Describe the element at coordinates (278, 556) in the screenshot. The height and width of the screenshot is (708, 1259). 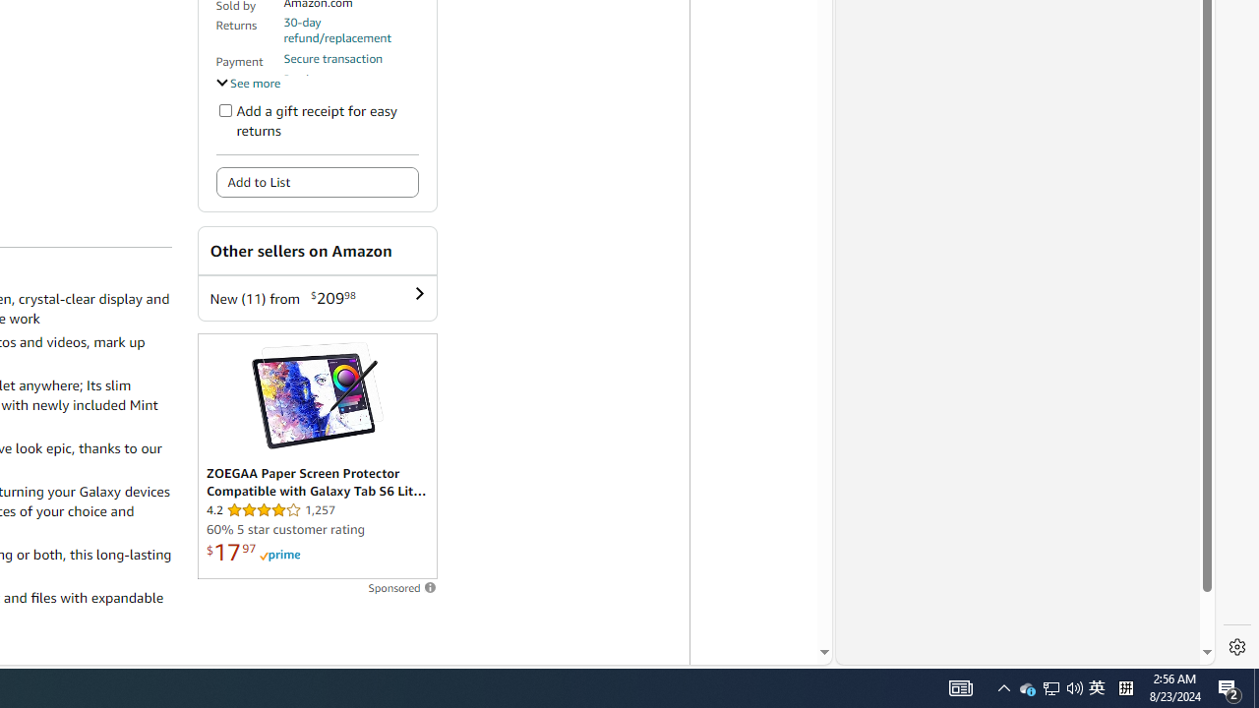
I see `'Prime'` at that location.